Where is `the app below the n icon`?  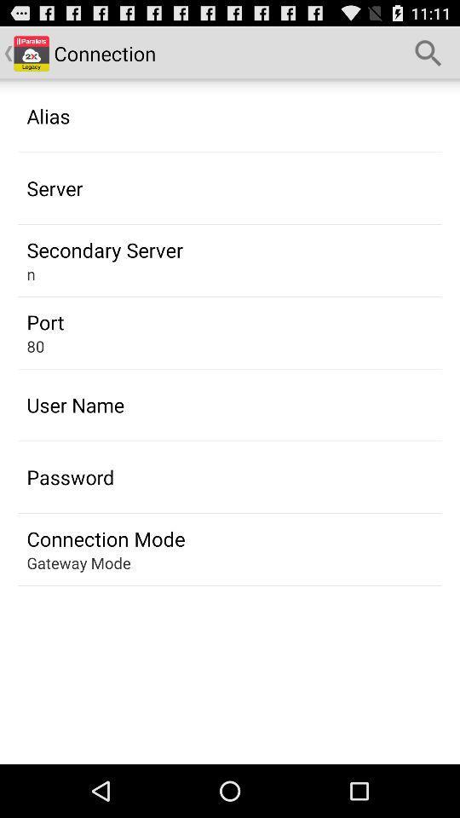
the app below the n icon is located at coordinates (45, 321).